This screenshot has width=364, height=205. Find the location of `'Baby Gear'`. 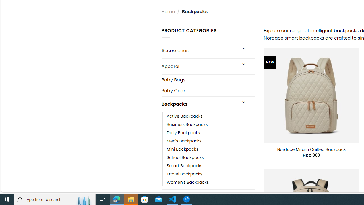

'Baby Gear' is located at coordinates (208, 90).